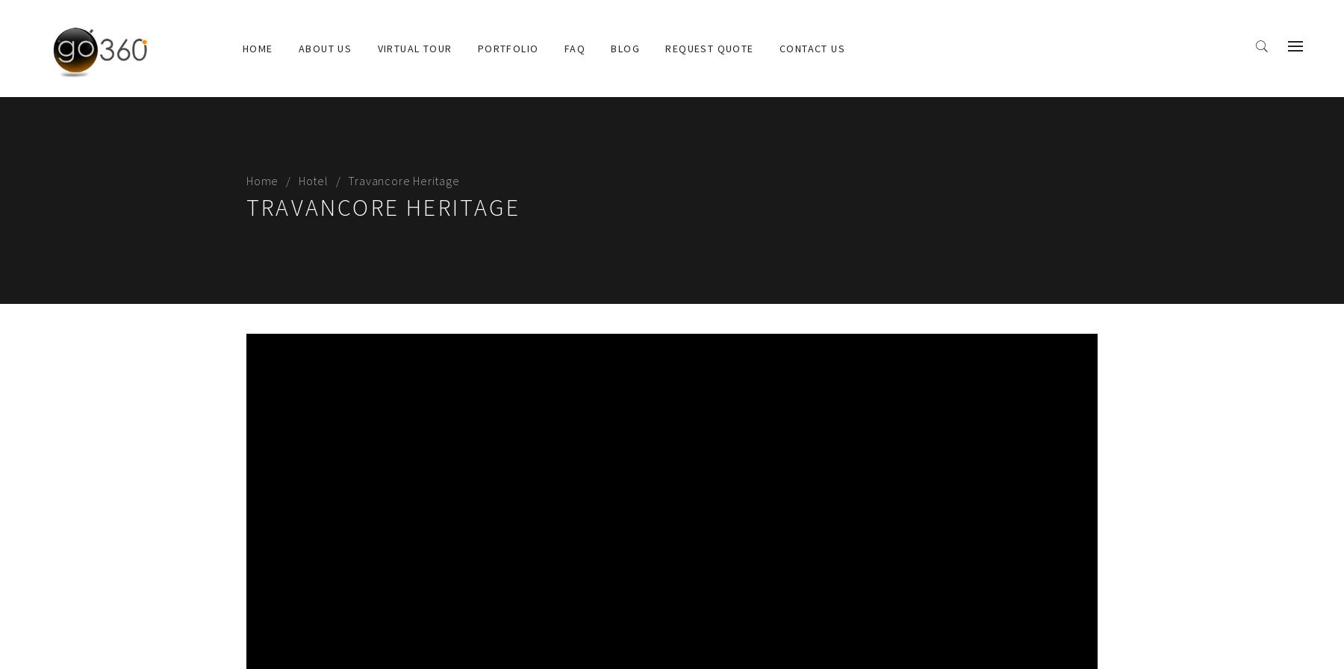 Image resolution: width=1344 pixels, height=669 pixels. Describe the element at coordinates (472, 115) in the screenshot. I see `'Virtual Tour Development Process'` at that location.